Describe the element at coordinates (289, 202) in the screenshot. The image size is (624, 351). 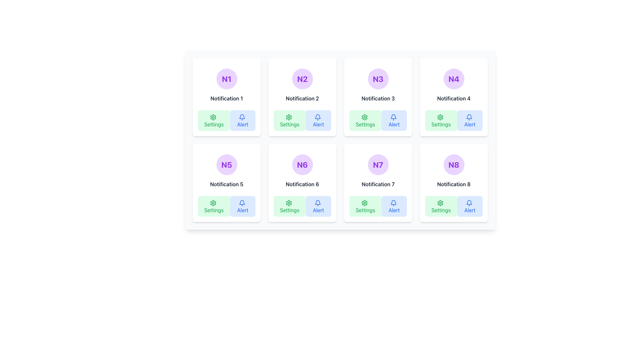
I see `the Settings icon located in the notification card for 'Notification 6'` at that location.